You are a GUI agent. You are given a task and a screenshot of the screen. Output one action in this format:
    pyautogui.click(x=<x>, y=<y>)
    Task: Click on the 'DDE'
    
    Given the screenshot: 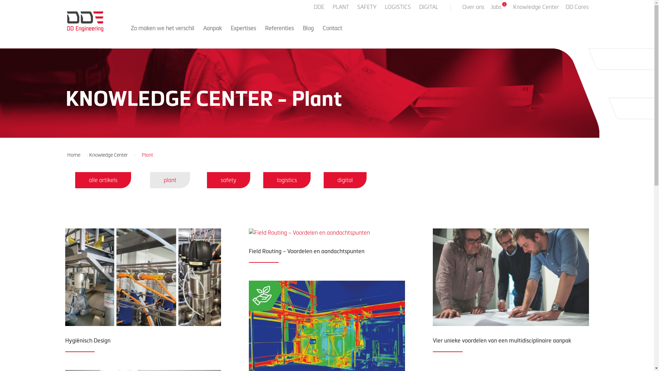 What is the action you would take?
    pyautogui.click(x=319, y=9)
    